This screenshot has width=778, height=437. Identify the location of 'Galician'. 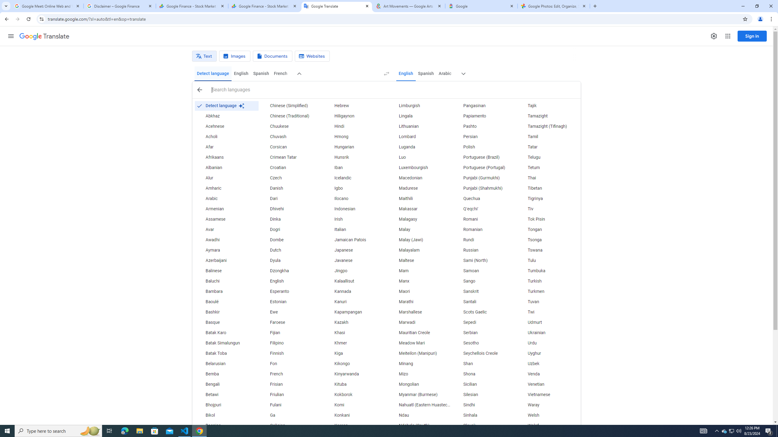
(291, 425).